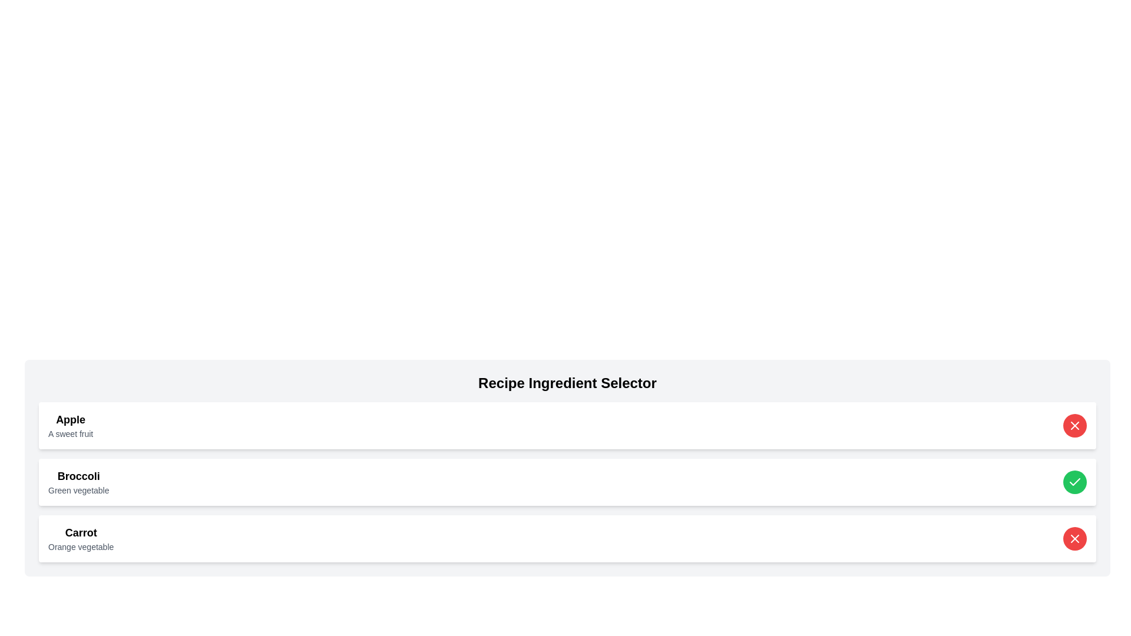  What do you see at coordinates (1074, 425) in the screenshot?
I see `the delete or close button located at the far right of the list item labeled 'Apple A sweet fruit'` at bounding box center [1074, 425].